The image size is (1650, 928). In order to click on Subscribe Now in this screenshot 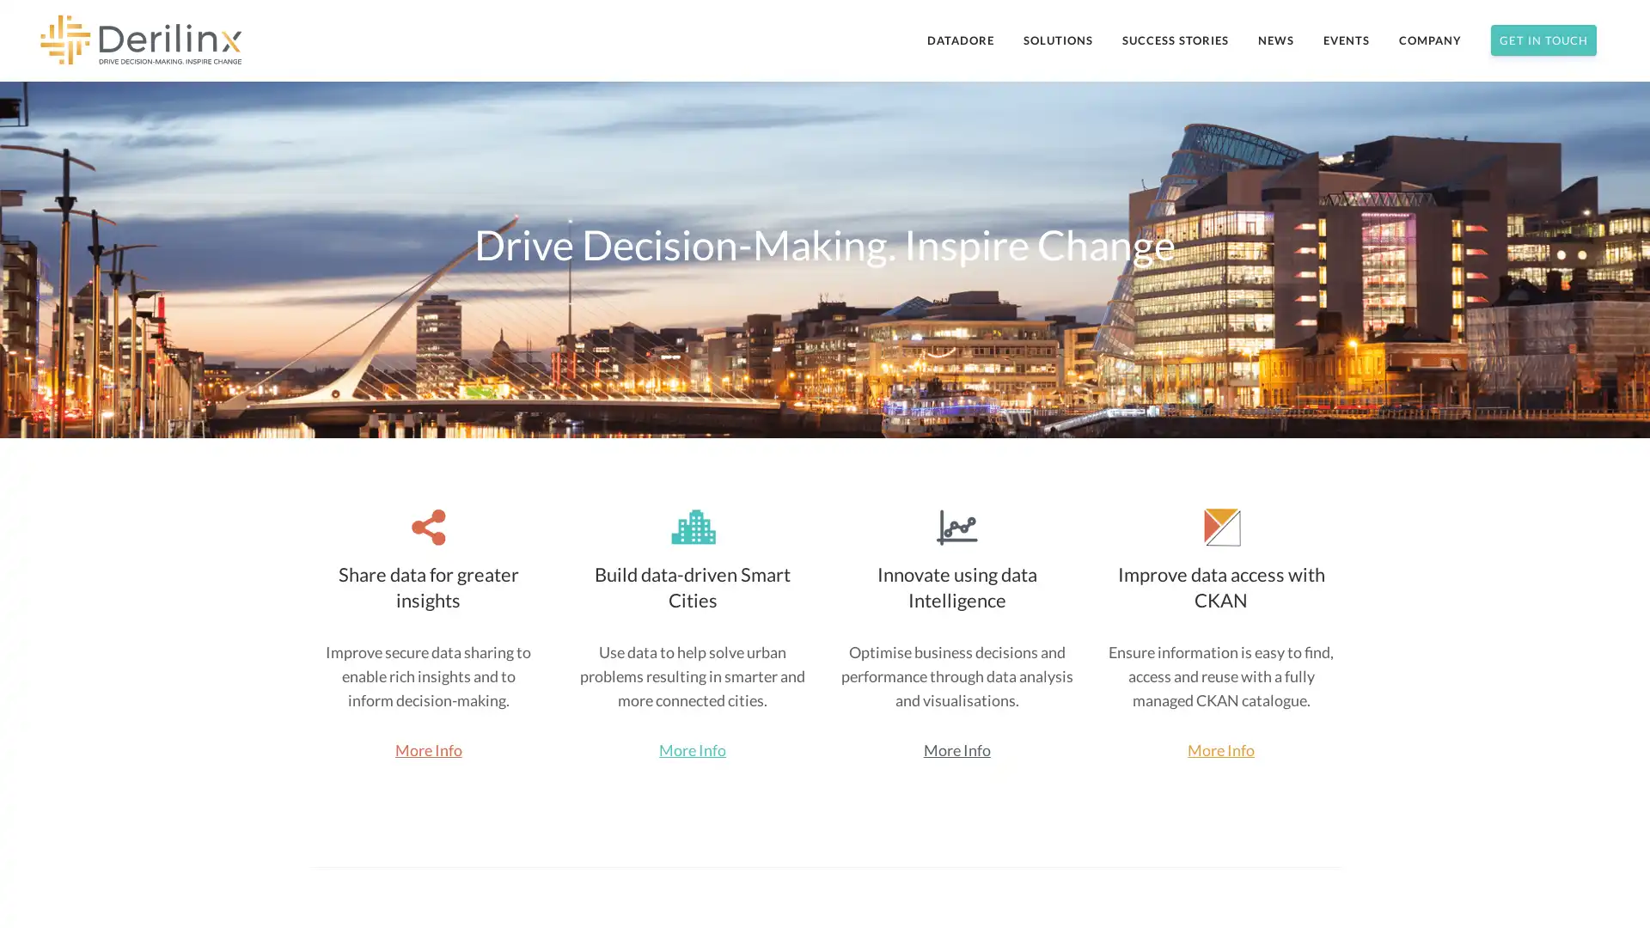, I will do `click(1468, 894)`.